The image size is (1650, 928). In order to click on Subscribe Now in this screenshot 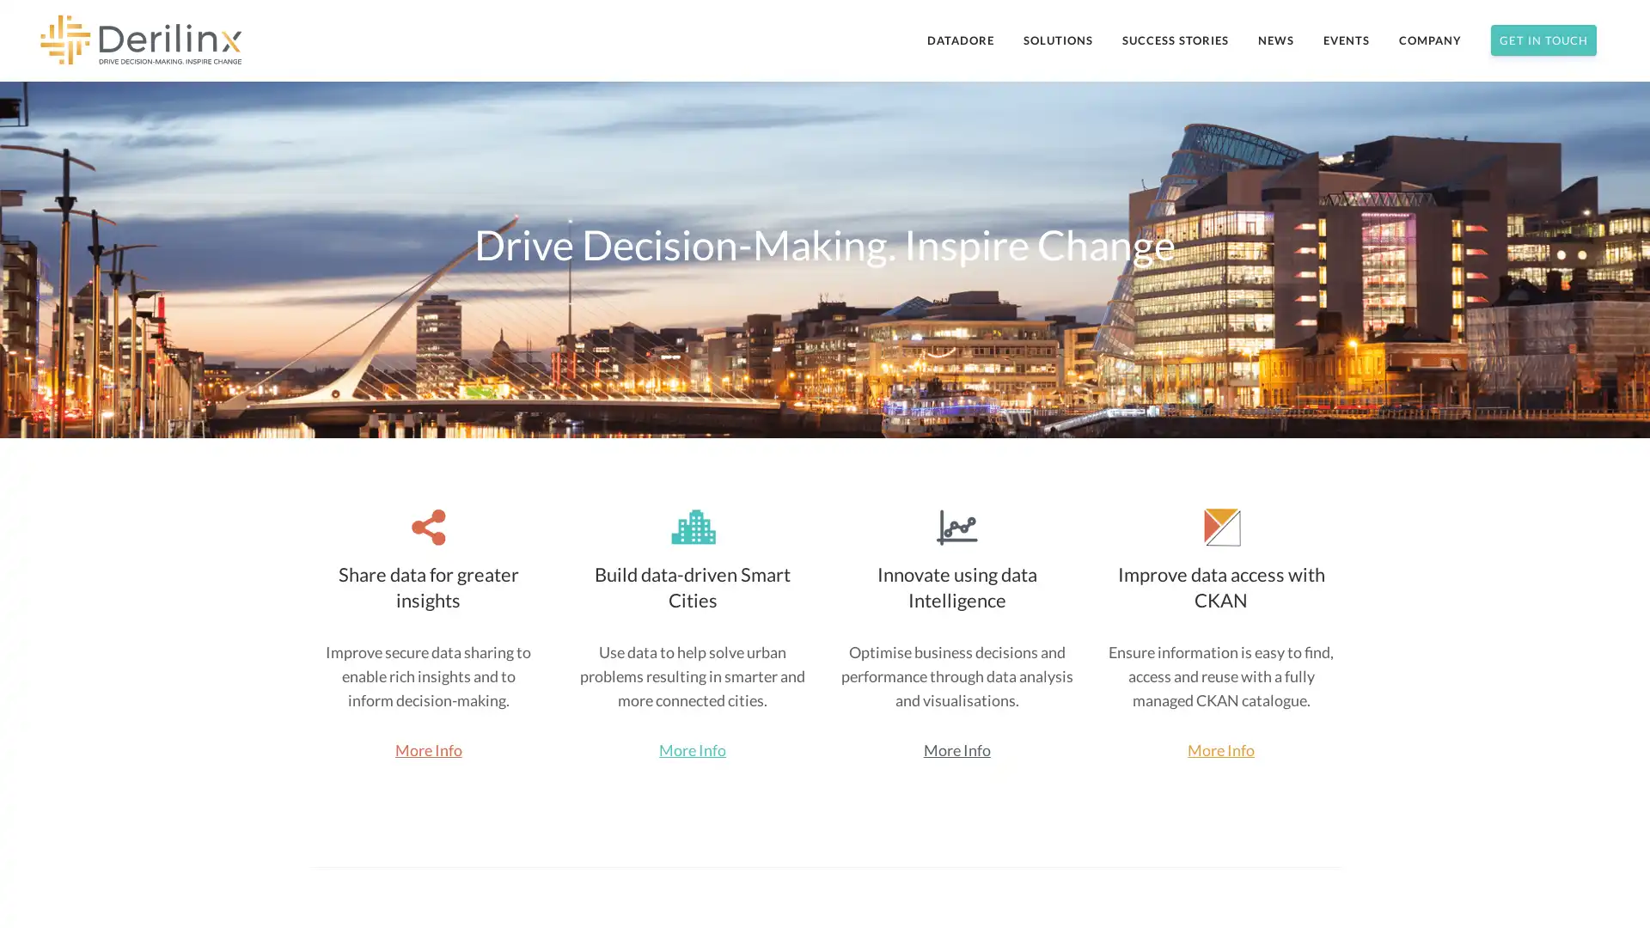, I will do `click(1468, 894)`.